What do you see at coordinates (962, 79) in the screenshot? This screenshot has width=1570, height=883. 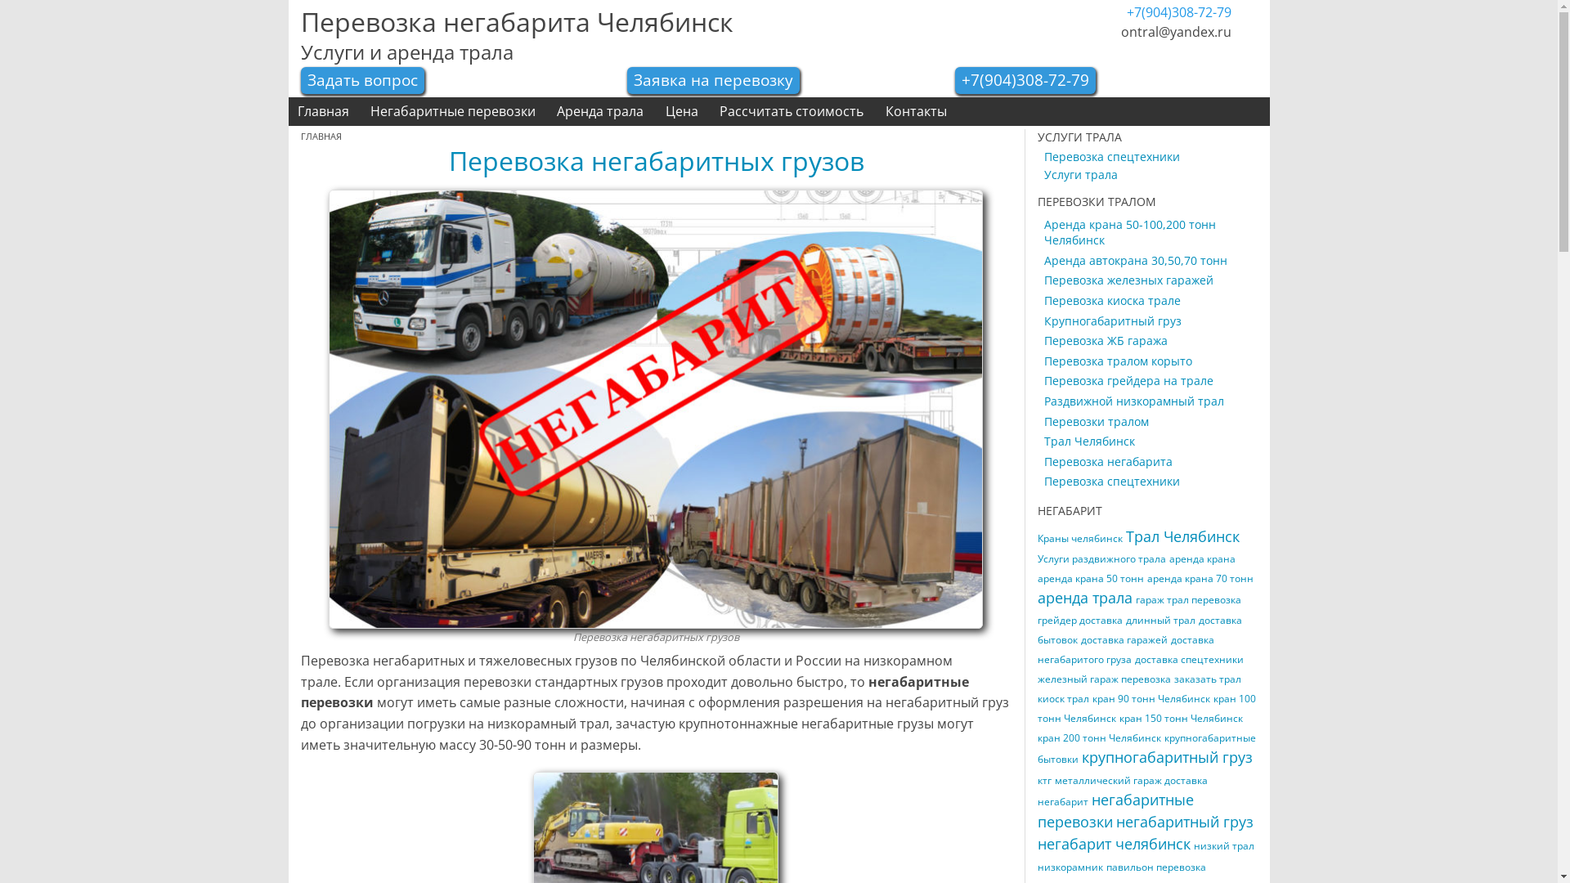 I see `'+7(904)308-72-79'` at bounding box center [962, 79].